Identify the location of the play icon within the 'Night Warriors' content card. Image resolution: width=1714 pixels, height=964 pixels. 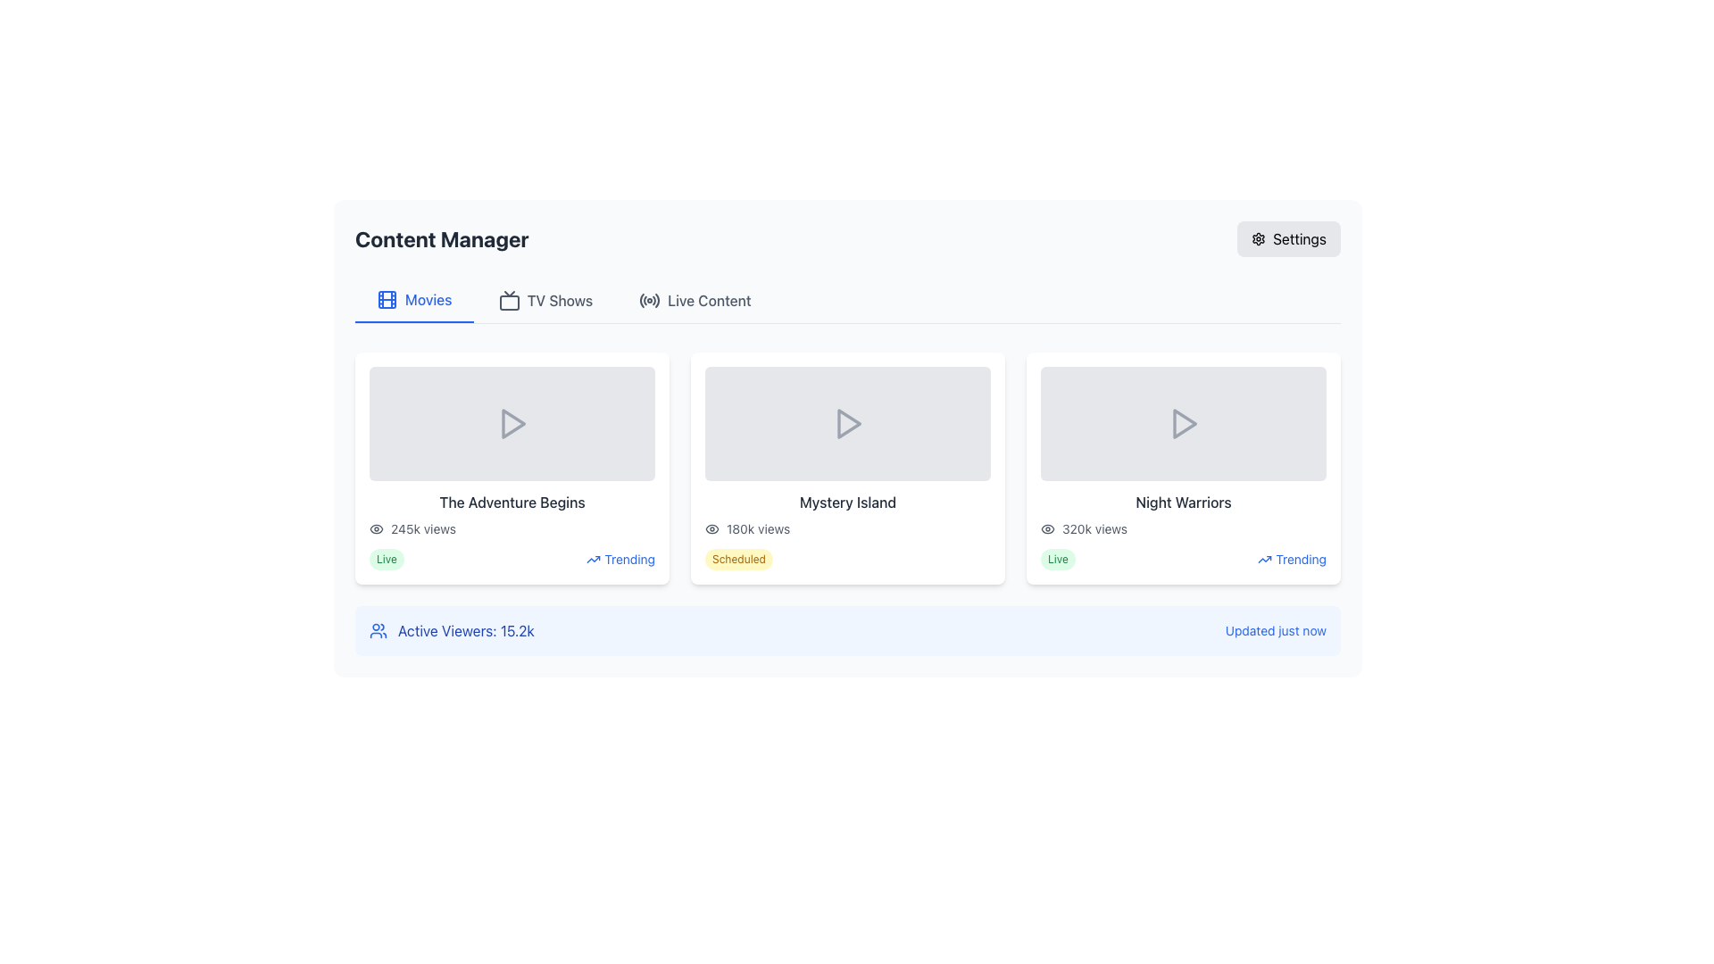
(1185, 423).